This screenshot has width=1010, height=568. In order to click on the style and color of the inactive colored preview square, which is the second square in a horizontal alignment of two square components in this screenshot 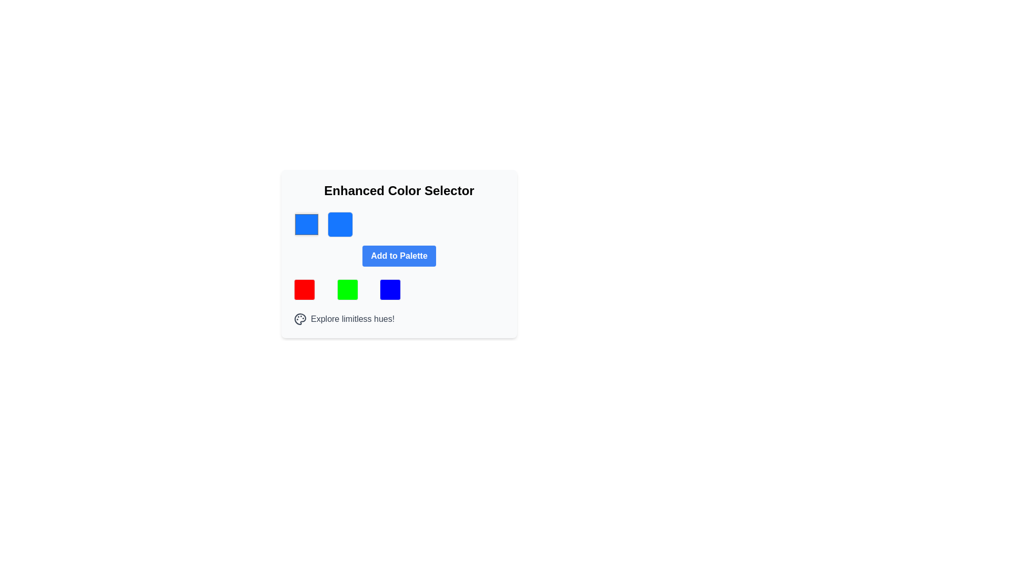, I will do `click(340, 224)`.